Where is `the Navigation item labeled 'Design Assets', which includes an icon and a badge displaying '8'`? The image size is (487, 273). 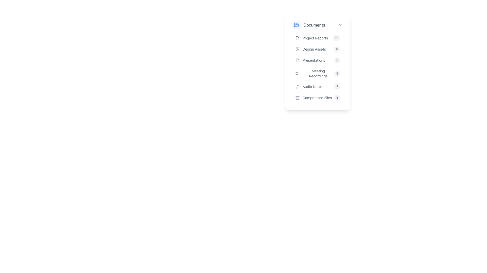 the Navigation item labeled 'Design Assets', which includes an icon and a badge displaying '8' is located at coordinates (317, 49).